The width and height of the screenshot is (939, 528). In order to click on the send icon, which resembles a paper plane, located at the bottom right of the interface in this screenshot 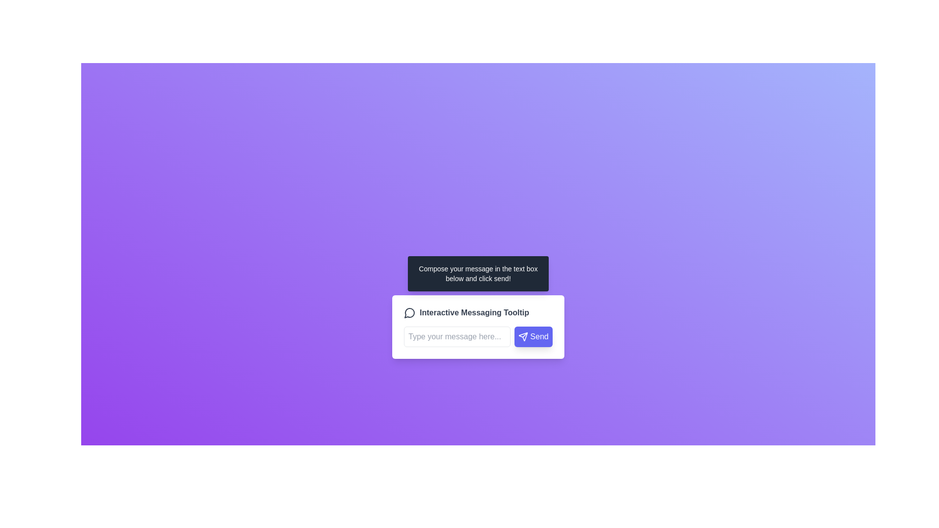, I will do `click(523, 336)`.